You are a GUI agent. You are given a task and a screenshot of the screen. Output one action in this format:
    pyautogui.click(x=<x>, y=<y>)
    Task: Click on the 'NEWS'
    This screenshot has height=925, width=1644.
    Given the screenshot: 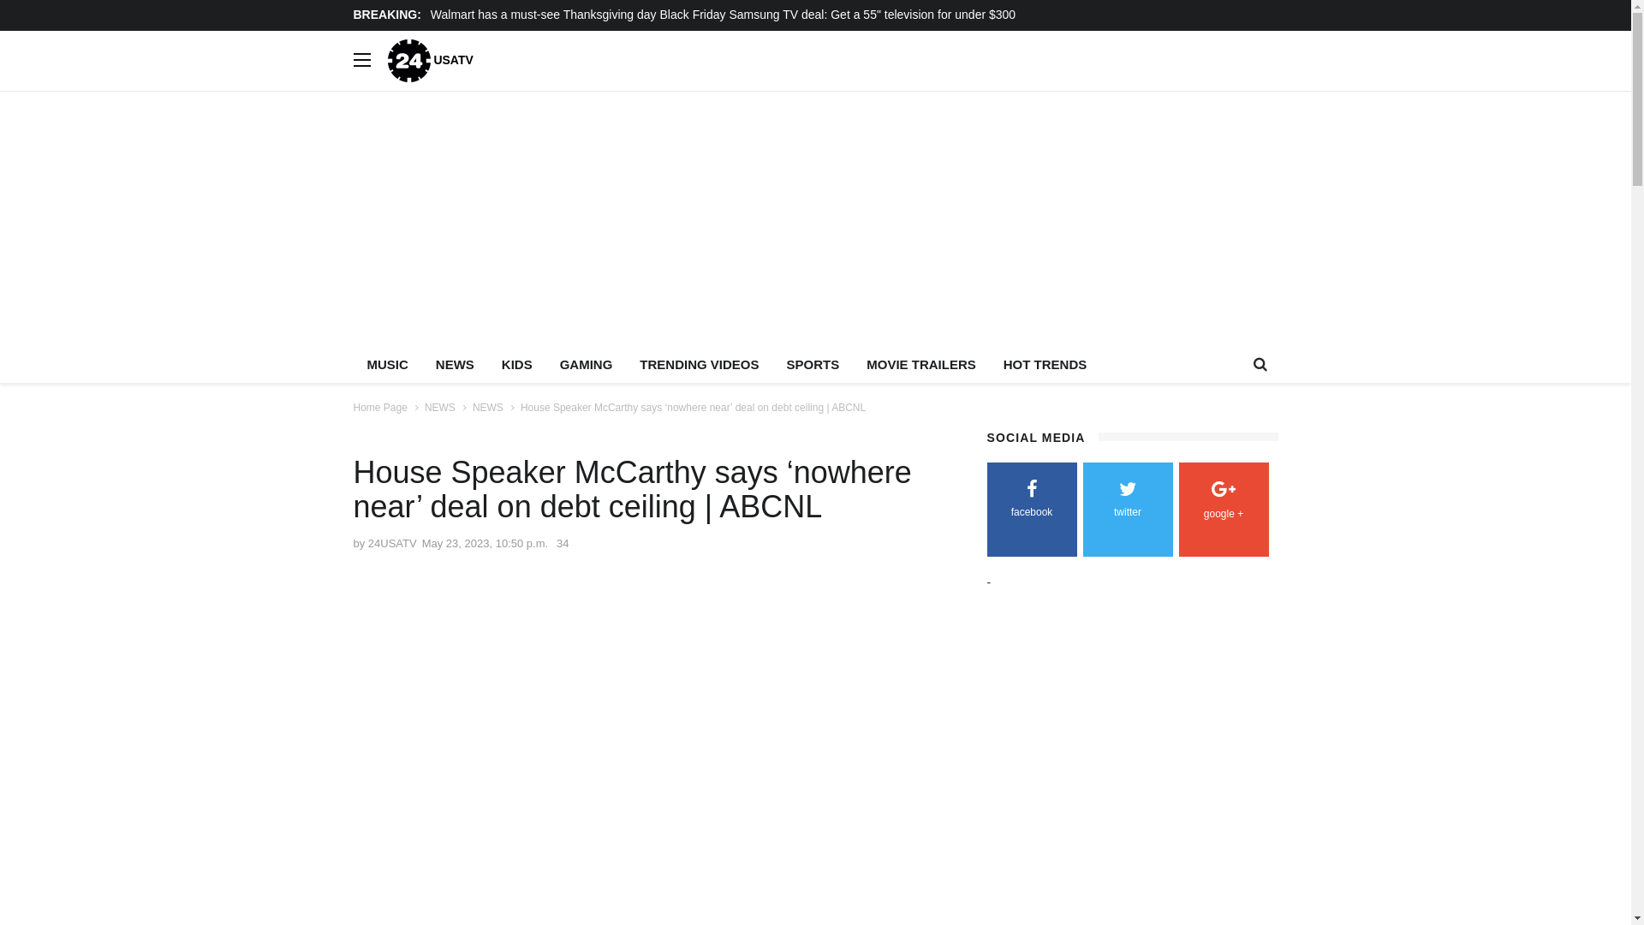 What is the action you would take?
    pyautogui.click(x=439, y=407)
    